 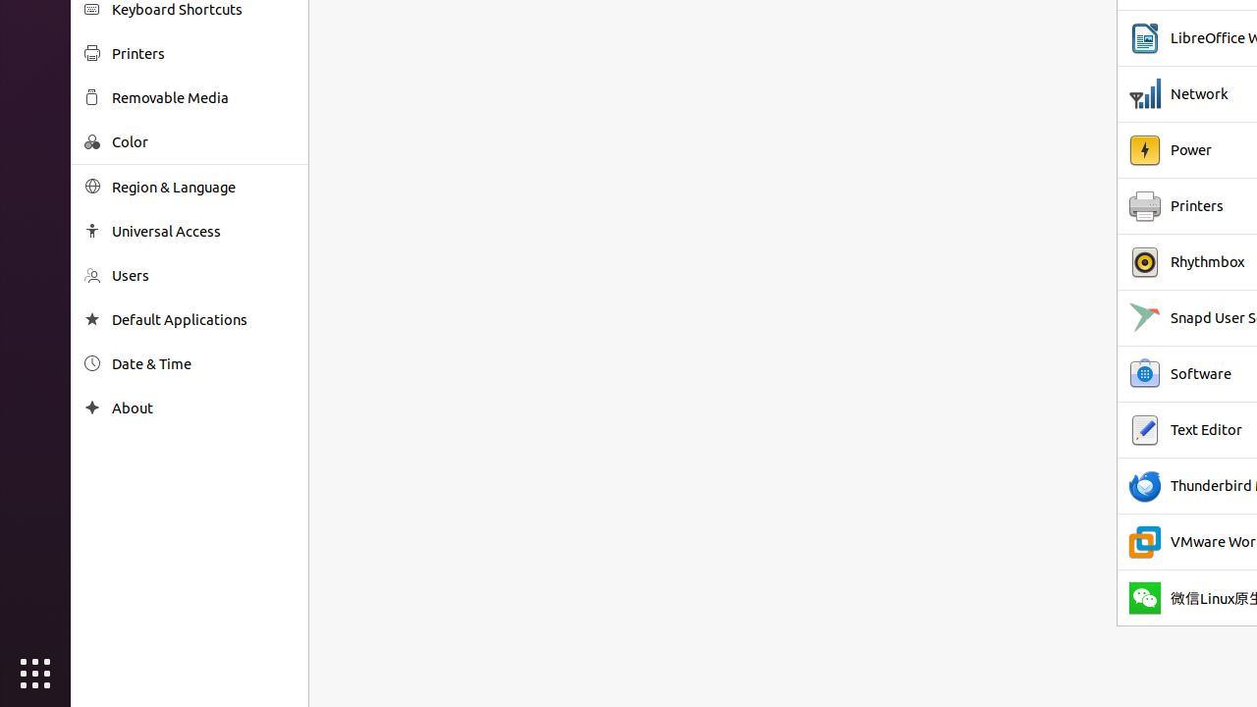 What do you see at coordinates (202, 187) in the screenshot?
I see `'Region & Language'` at bounding box center [202, 187].